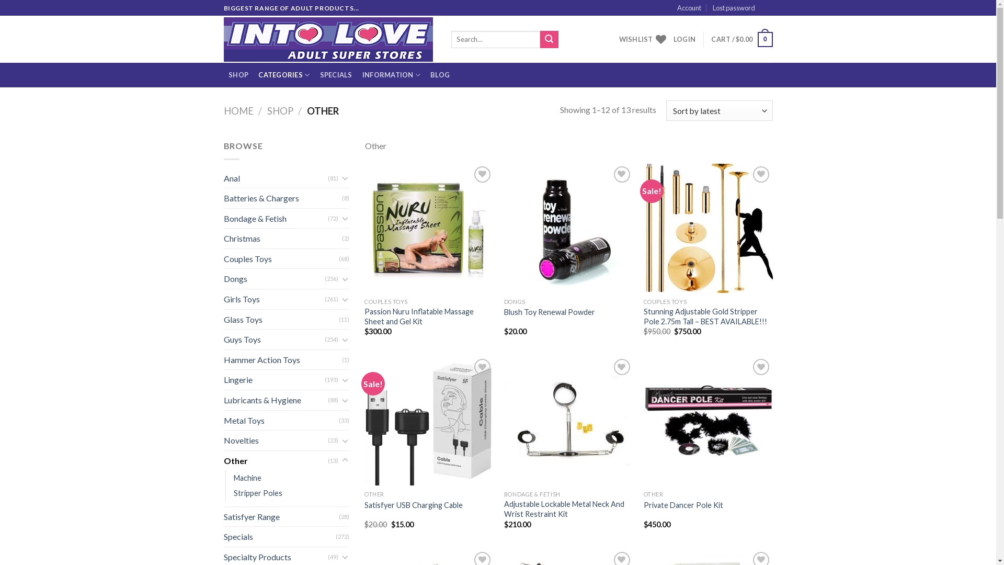  Describe the element at coordinates (274, 299) in the screenshot. I see `'Girls Toys'` at that location.